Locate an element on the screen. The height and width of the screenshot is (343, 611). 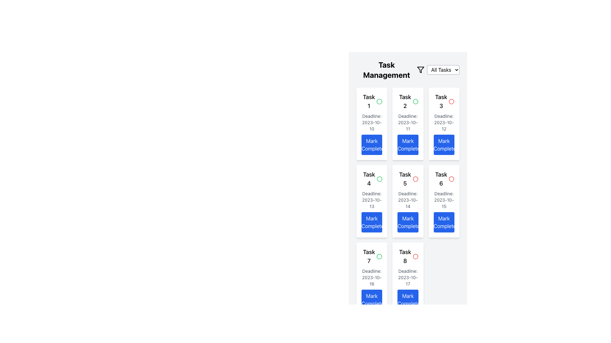
the 'Complete' button for 'Task 3' is located at coordinates (444, 145).